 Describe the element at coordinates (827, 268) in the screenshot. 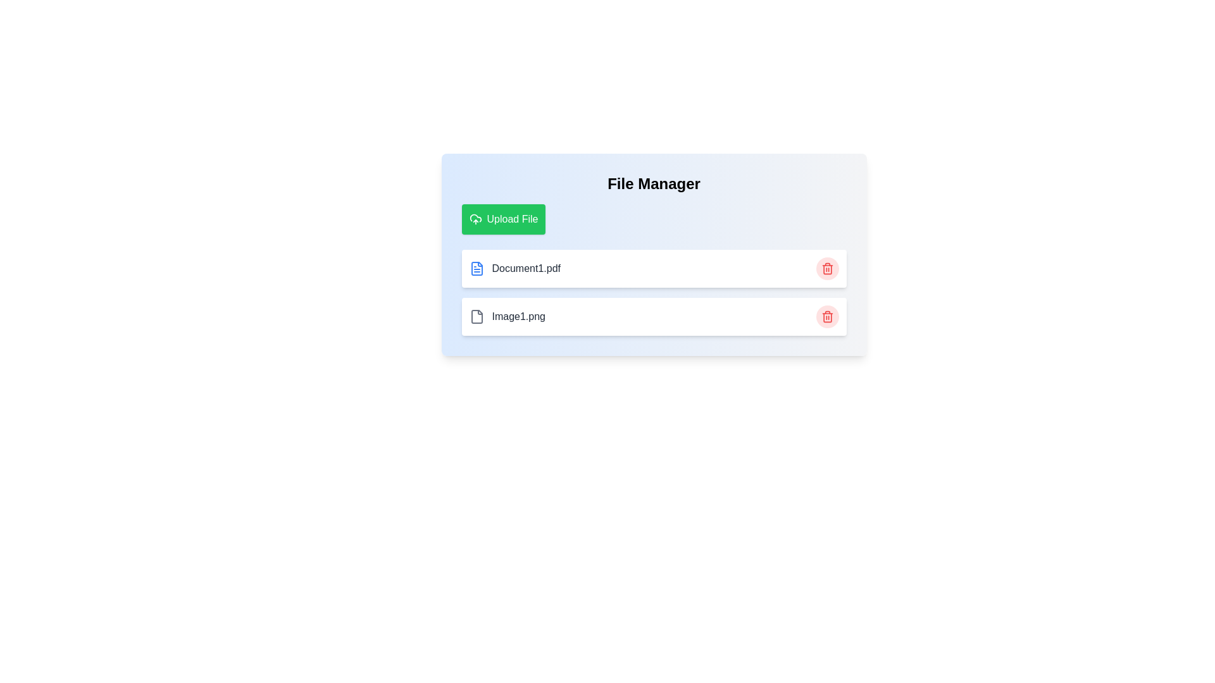

I see `the red trash bin icon button located to the right of the file label in the second row` at that location.